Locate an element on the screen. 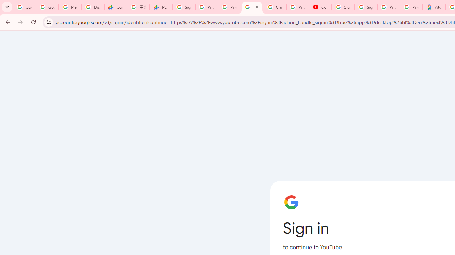  'Atour Hotel - Google hotels' is located at coordinates (434, 7).